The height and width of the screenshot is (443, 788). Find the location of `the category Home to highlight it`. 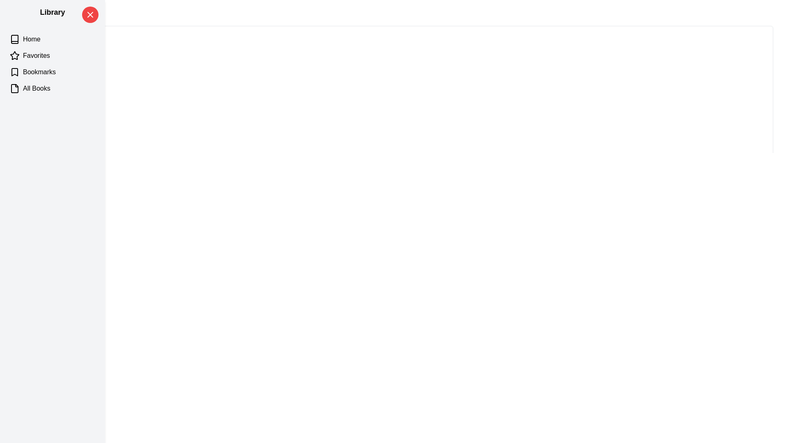

the category Home to highlight it is located at coordinates (52, 39).